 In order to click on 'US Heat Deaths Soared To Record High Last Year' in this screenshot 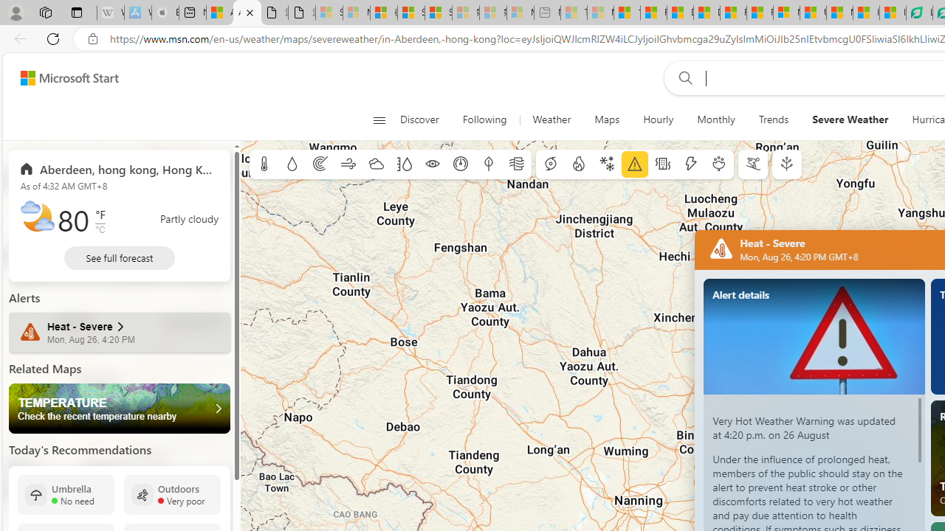, I will do `click(812, 13)`.